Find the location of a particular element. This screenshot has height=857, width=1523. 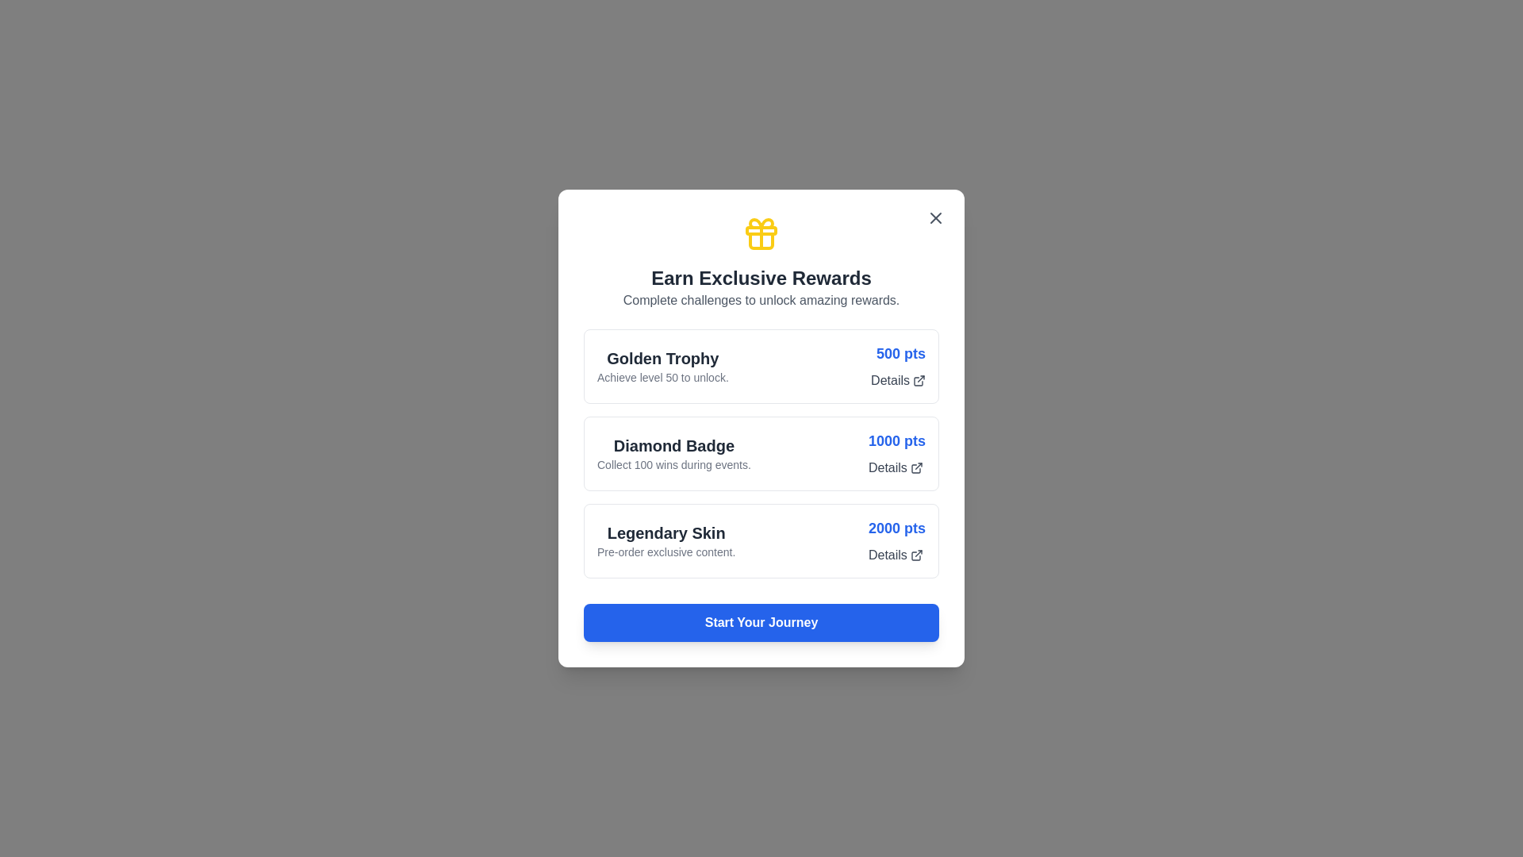

the button located at the bottom of the centered modal for reward challenges to initiate the journey or action is located at coordinates (761, 622).